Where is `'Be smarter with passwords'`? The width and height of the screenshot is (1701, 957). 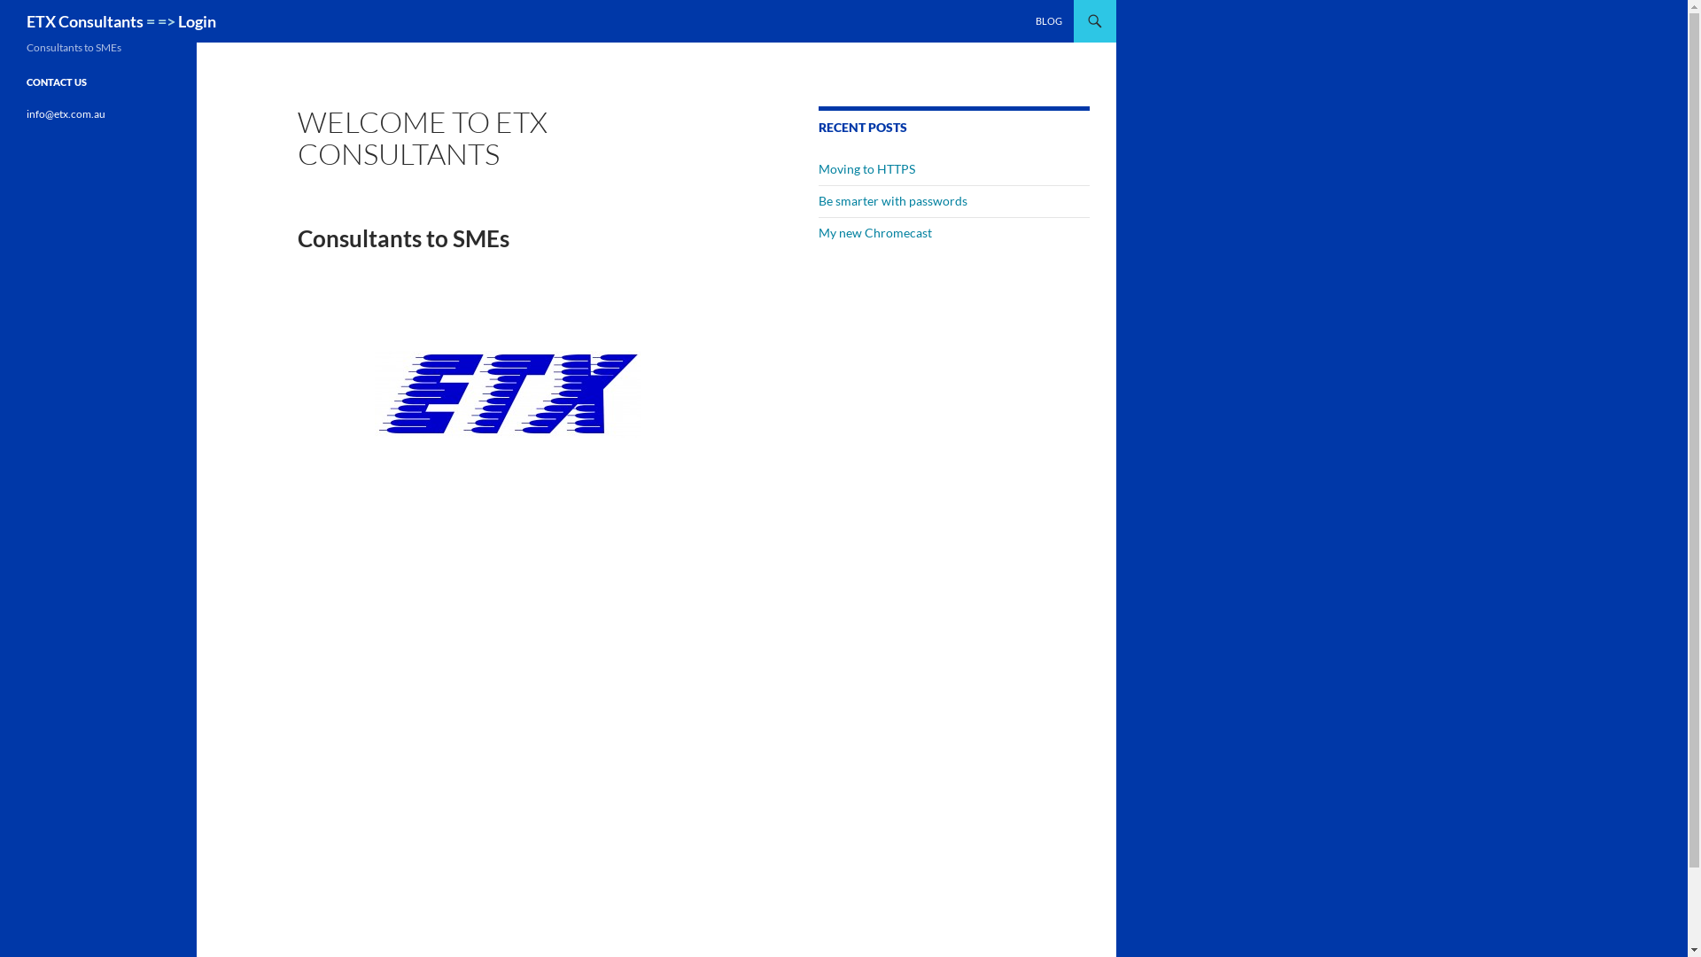
'Be smarter with passwords' is located at coordinates (818, 199).